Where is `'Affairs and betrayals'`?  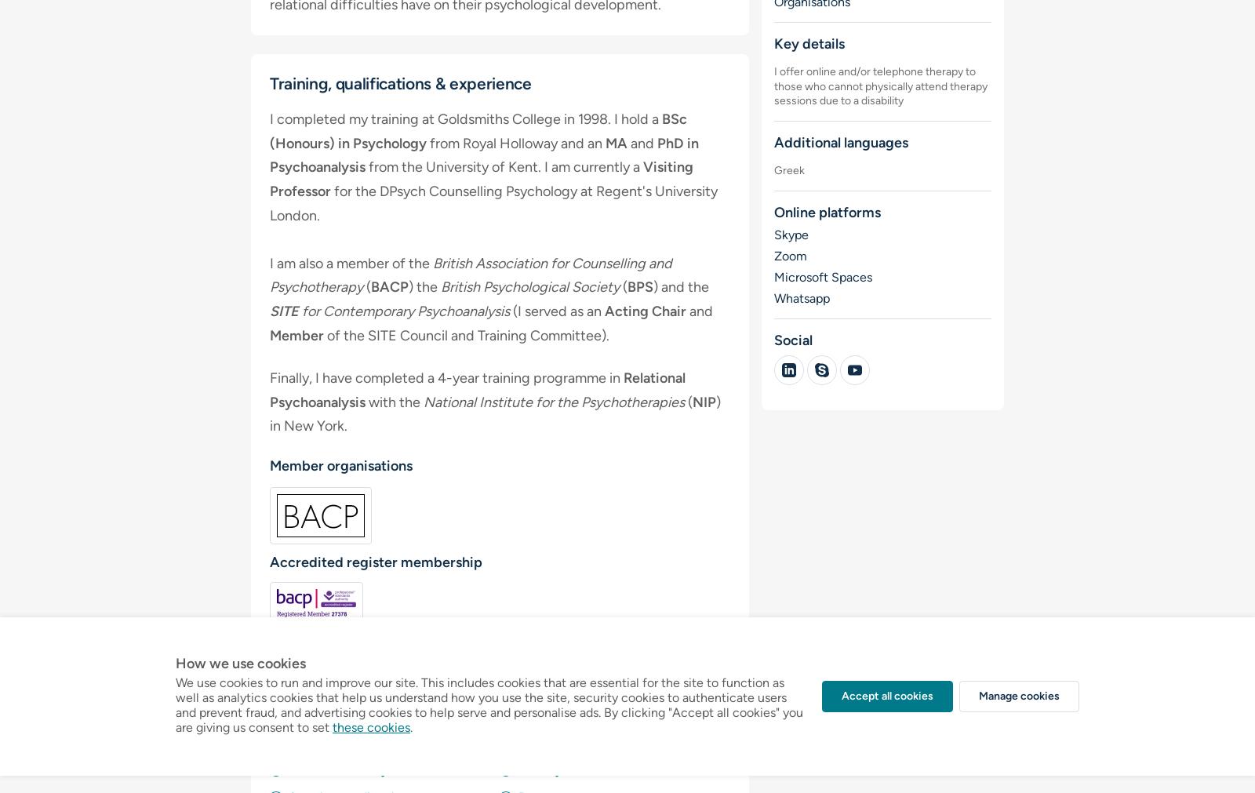
'Affairs and betrayals' is located at coordinates (344, 769).